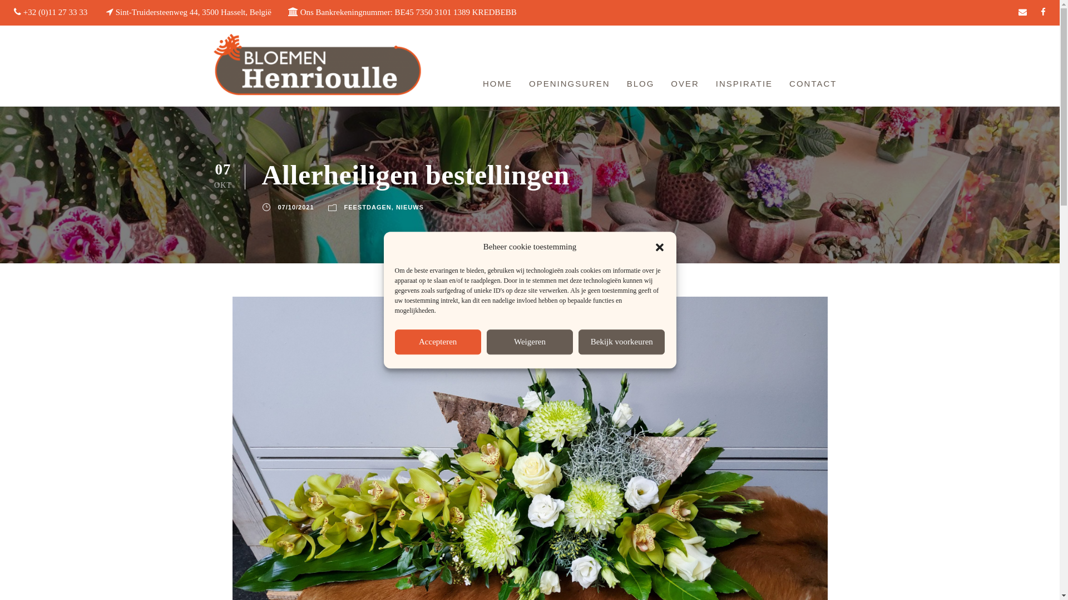  I want to click on 'INSPIRATIE', so click(744, 85).